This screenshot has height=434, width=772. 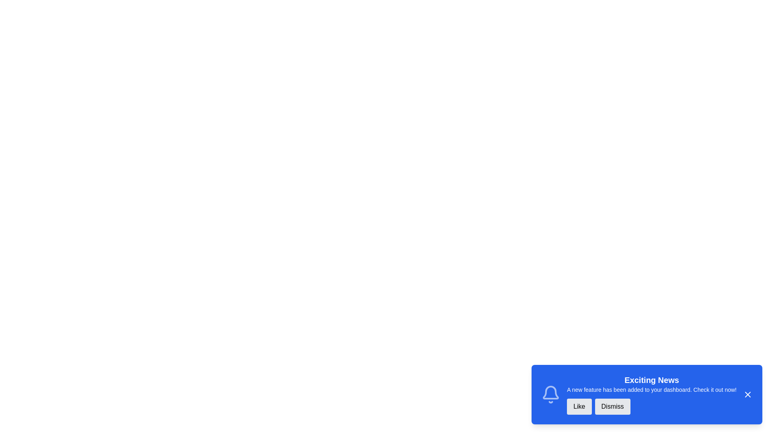 What do you see at coordinates (579, 406) in the screenshot?
I see `the 'Like' button to toggle its state` at bounding box center [579, 406].